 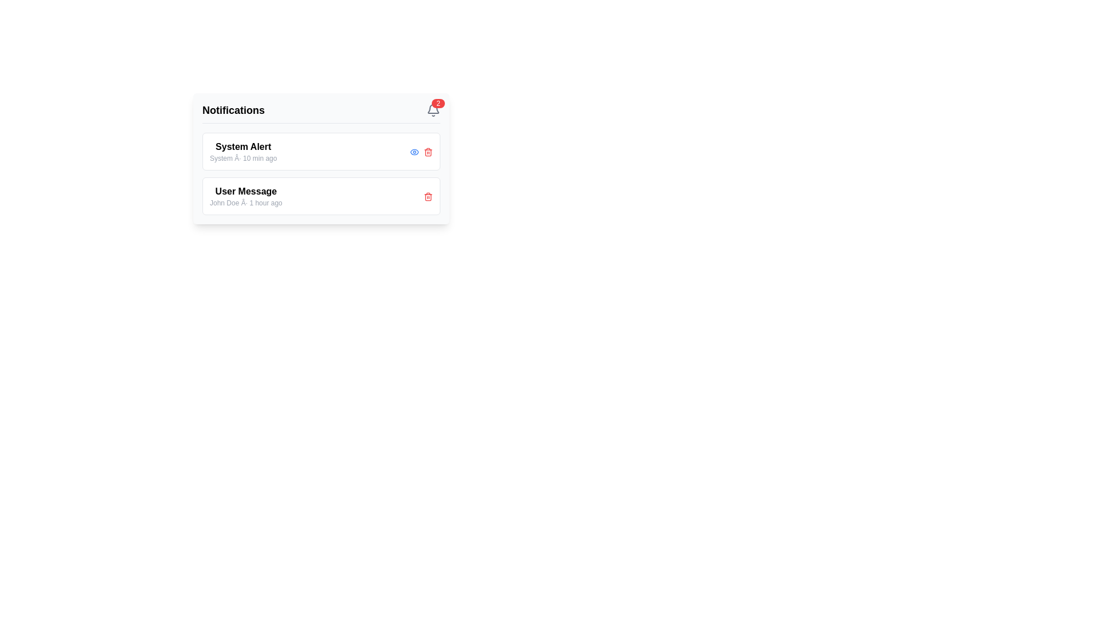 What do you see at coordinates (245, 191) in the screenshot?
I see `the title text of the notification message located in the lower notification card under the 'Notifications' section, which is the first text component above the context text` at bounding box center [245, 191].